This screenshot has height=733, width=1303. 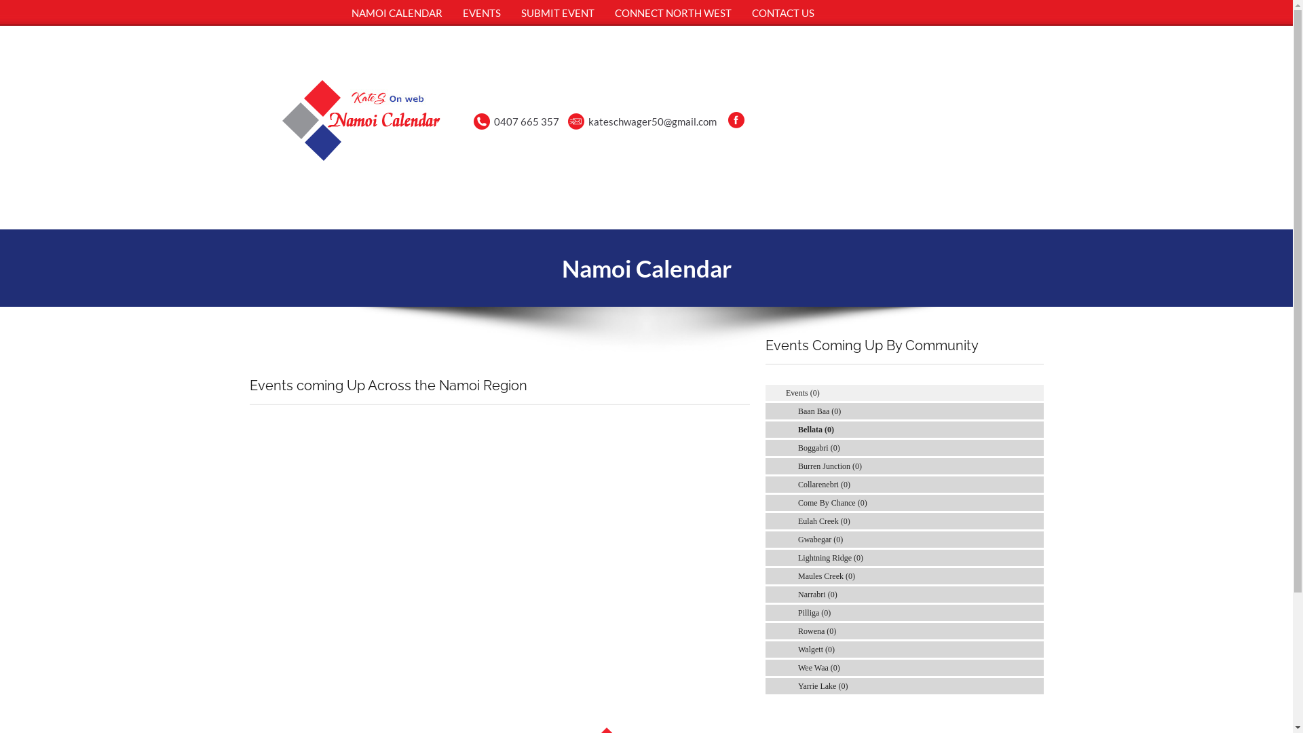 I want to click on 'Burren Junction (0)', so click(x=829, y=465).